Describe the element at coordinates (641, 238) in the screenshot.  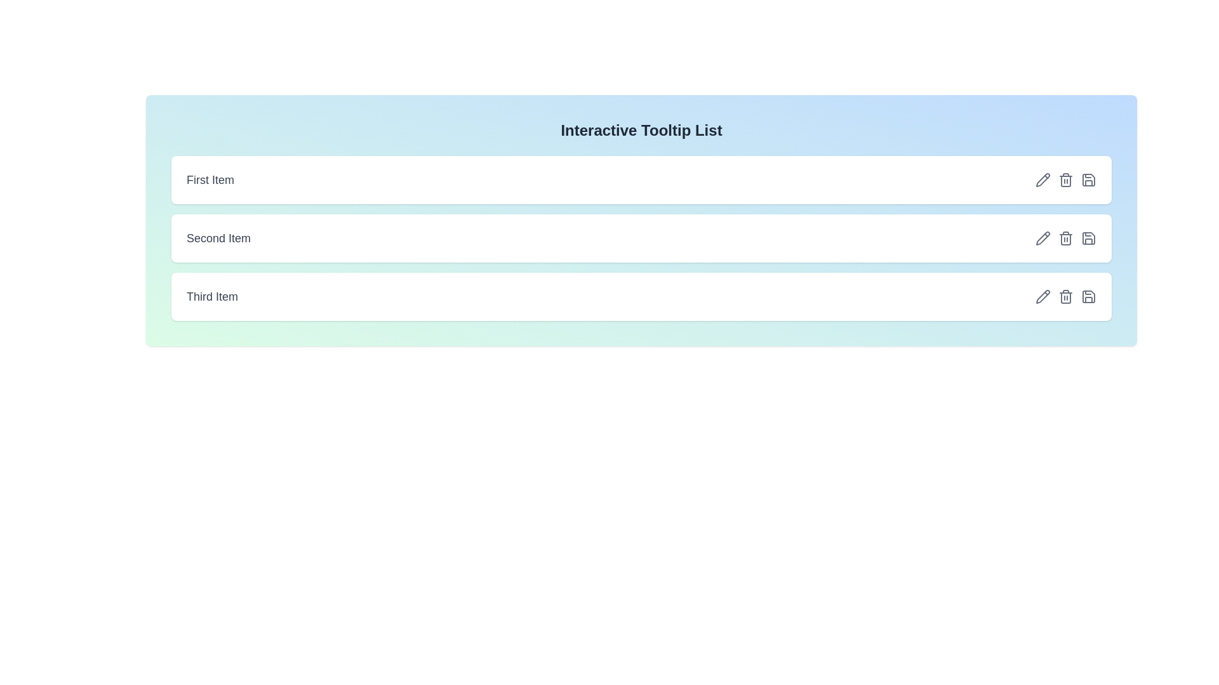
I see `the second list item in the vertically stacked list, which allows for interaction and editing such as renaming or deleting` at that location.